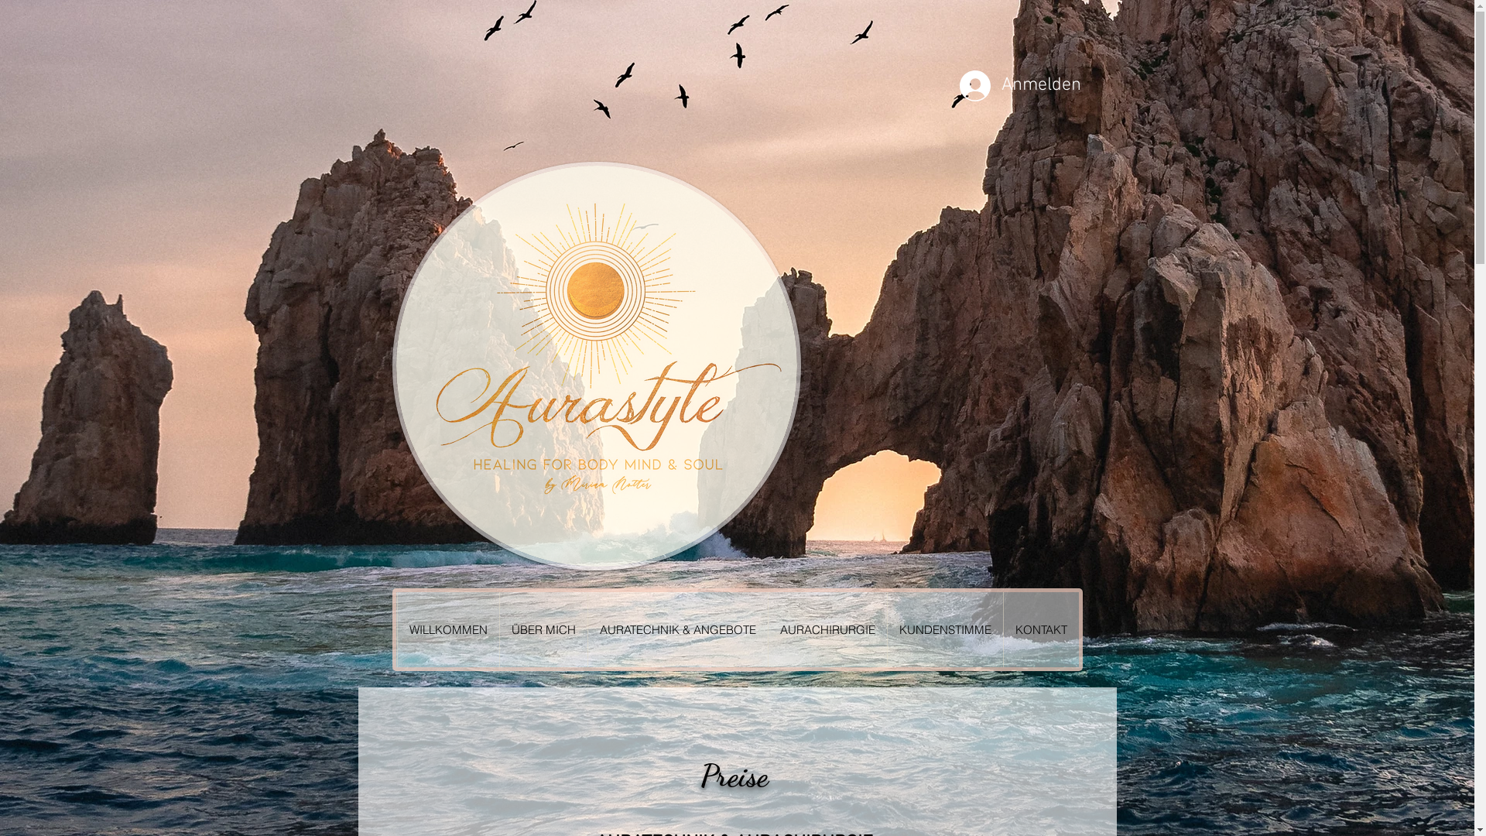 This screenshot has height=836, width=1486. What do you see at coordinates (676, 629) in the screenshot?
I see `'AURATECHNIK & ANGEBOTE'` at bounding box center [676, 629].